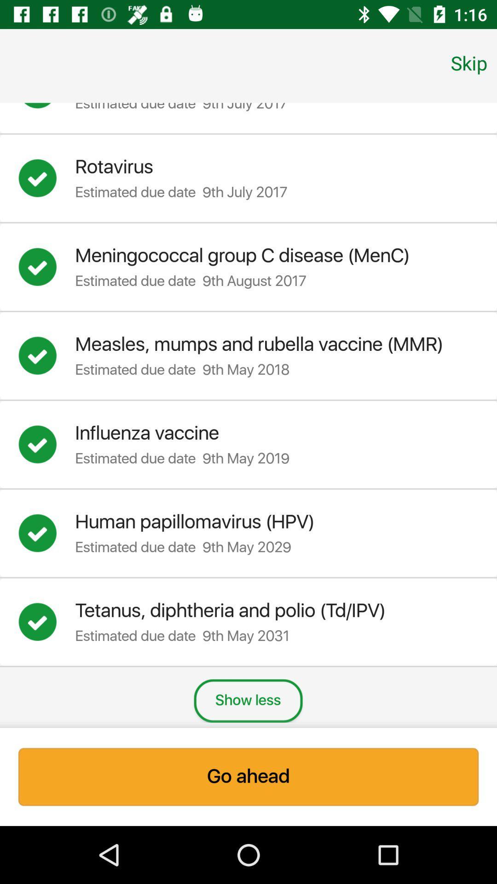 The height and width of the screenshot is (884, 497). What do you see at coordinates (469, 62) in the screenshot?
I see `skip icon` at bounding box center [469, 62].